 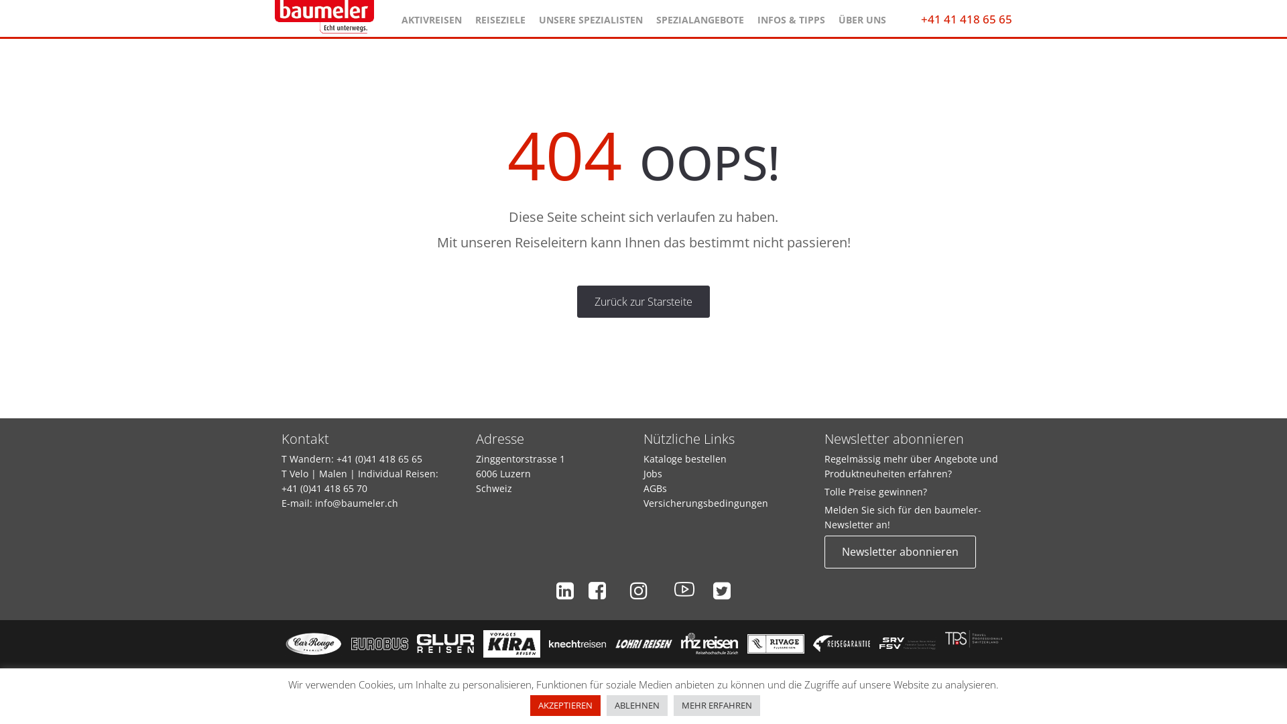 What do you see at coordinates (379, 458) in the screenshot?
I see `'+41 (0)41 418 65 65'` at bounding box center [379, 458].